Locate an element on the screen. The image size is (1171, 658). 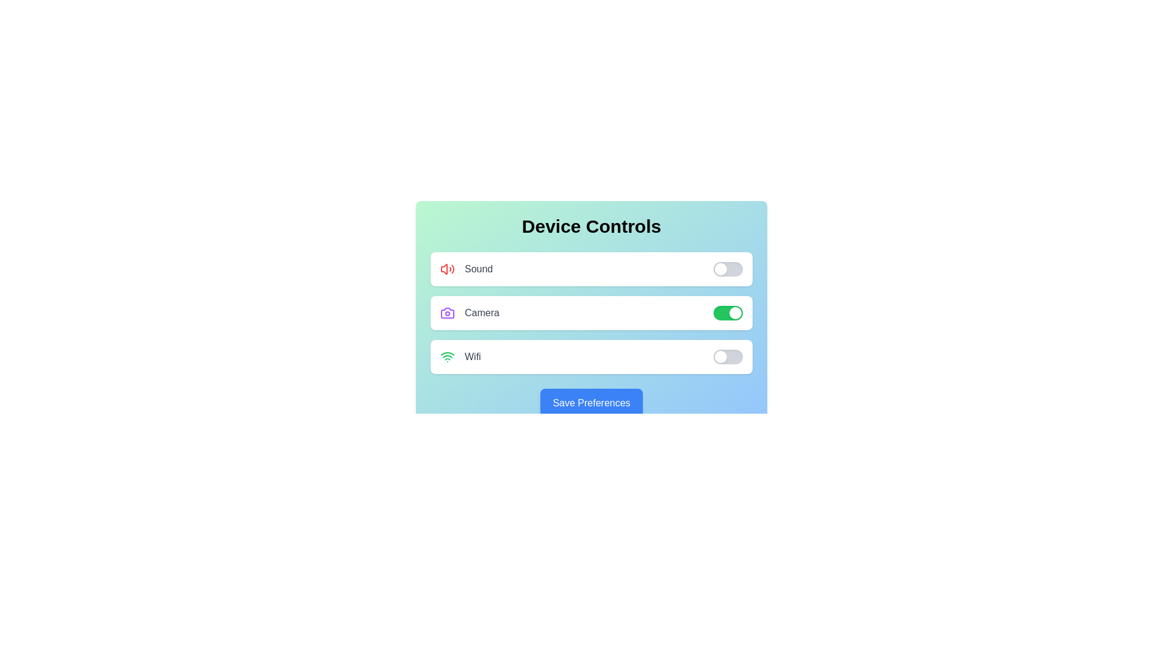
the 'Save Preferences' button is located at coordinates (591, 403).